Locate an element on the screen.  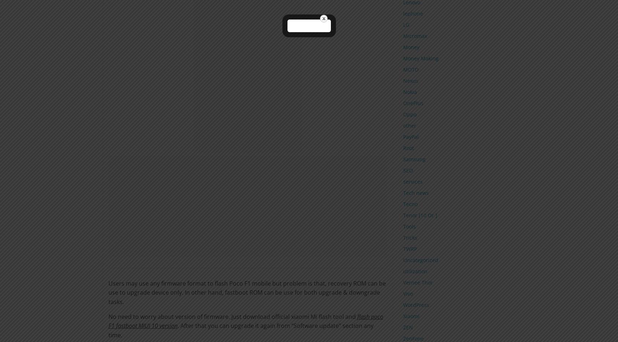
'. After that you can upgrade it again from “Software update” section any time.' is located at coordinates (108, 330).